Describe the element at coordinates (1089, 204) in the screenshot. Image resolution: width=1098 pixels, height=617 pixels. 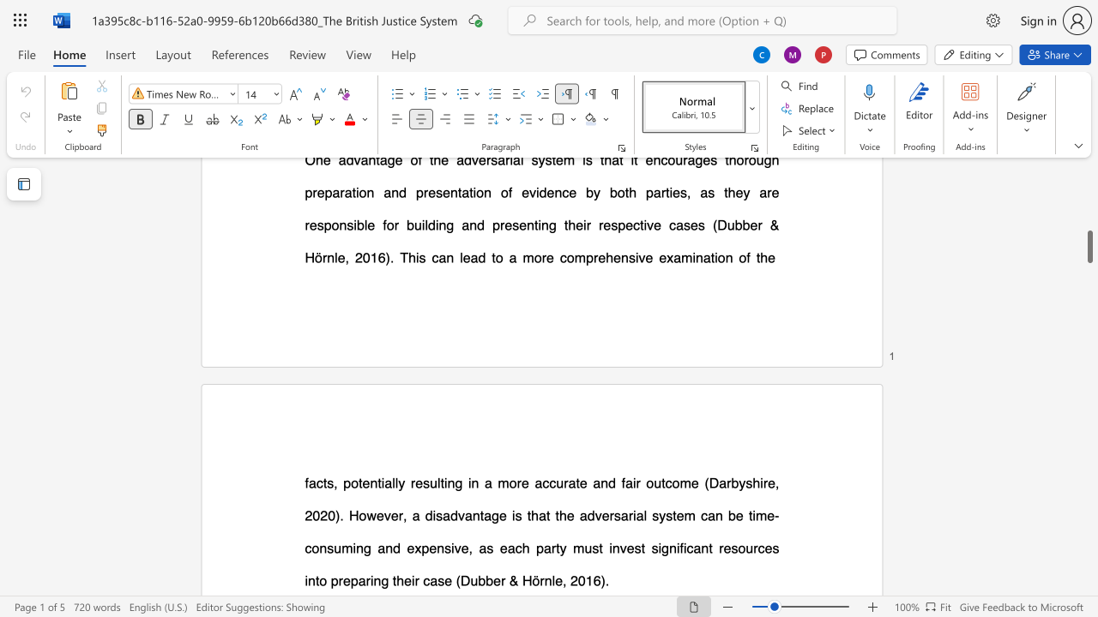
I see `the scrollbar on the right side to scroll the page up` at that location.